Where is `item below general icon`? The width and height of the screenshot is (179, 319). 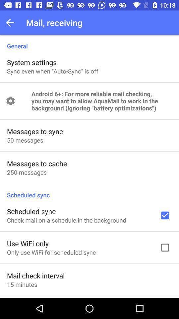
item below general icon is located at coordinates (31, 62).